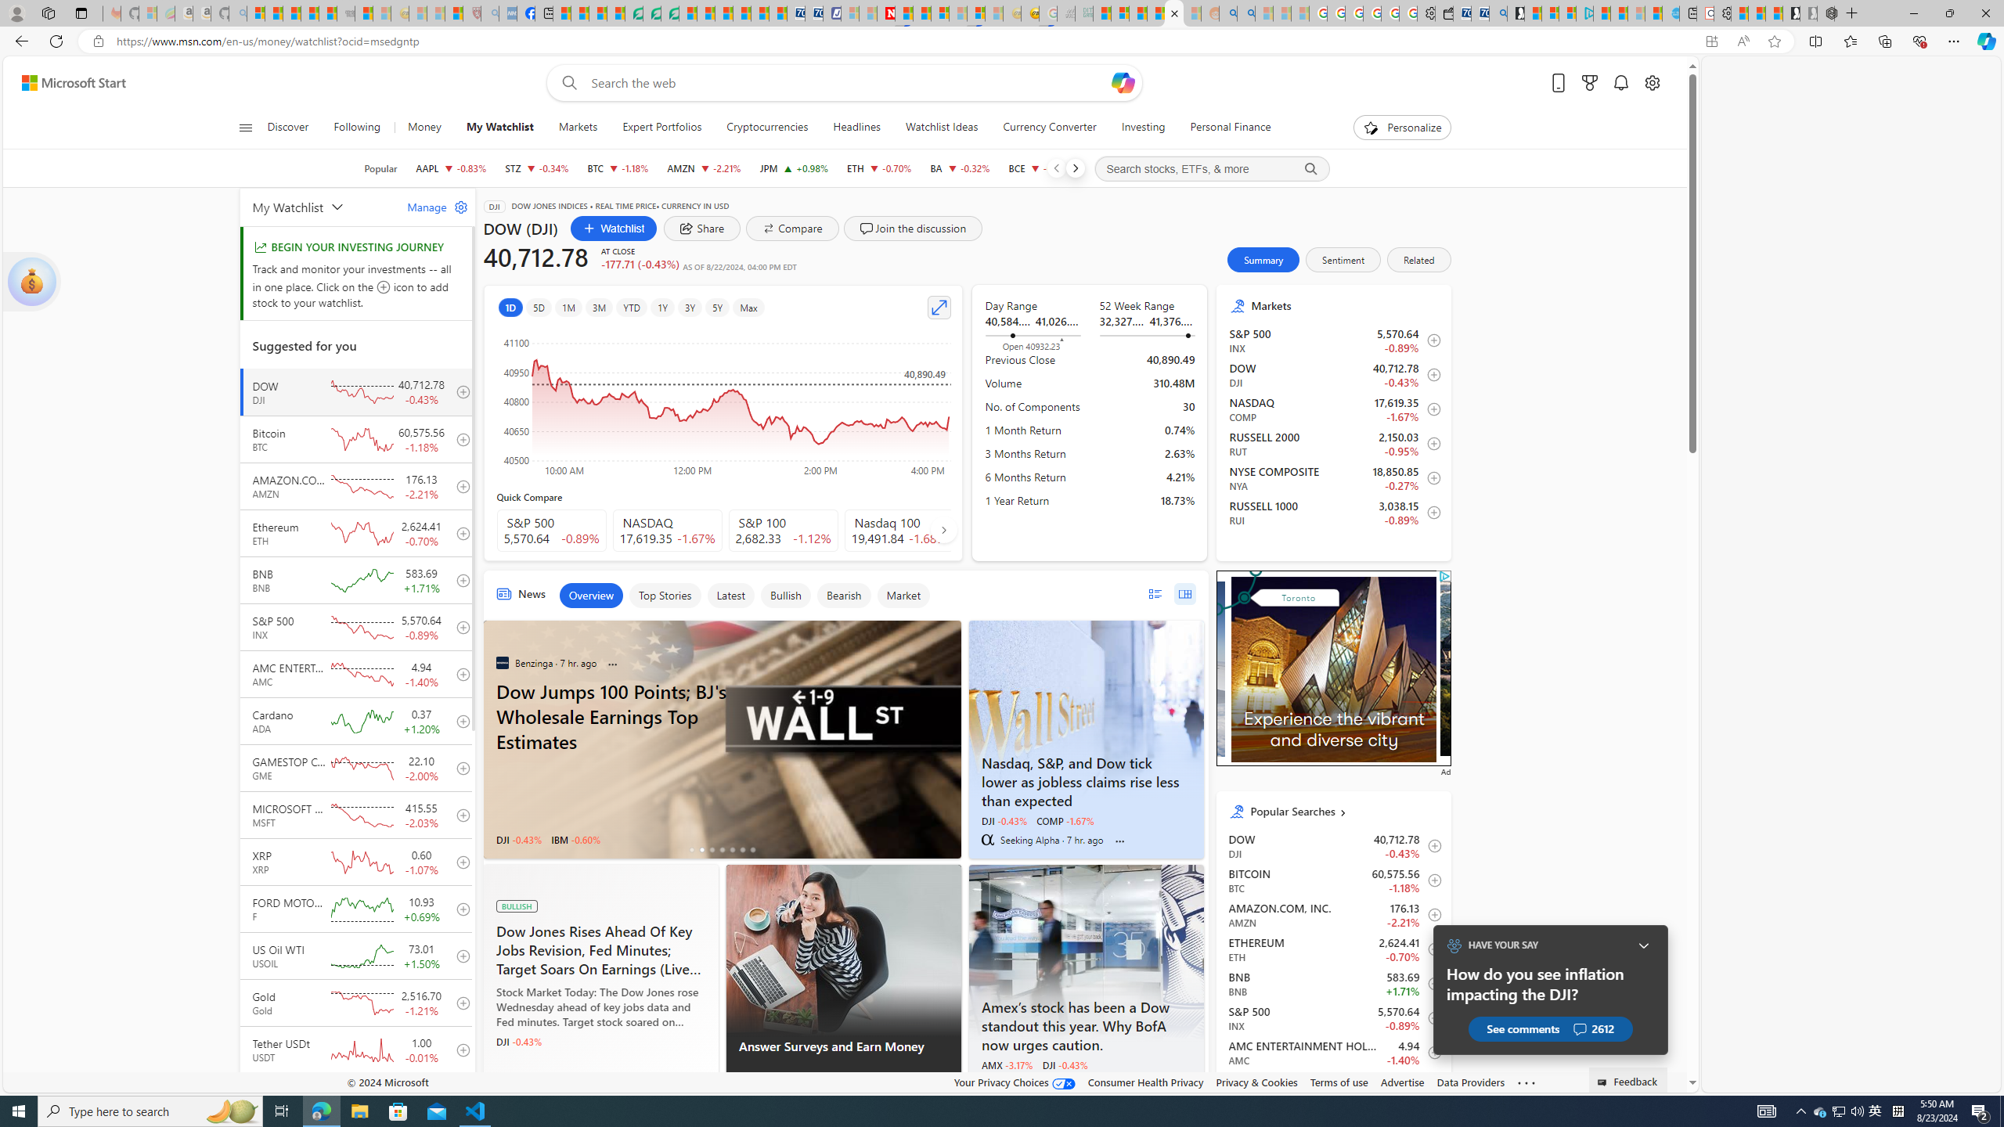 The width and height of the screenshot is (2004, 1127). What do you see at coordinates (903, 596) in the screenshot?
I see `'Market'` at bounding box center [903, 596].